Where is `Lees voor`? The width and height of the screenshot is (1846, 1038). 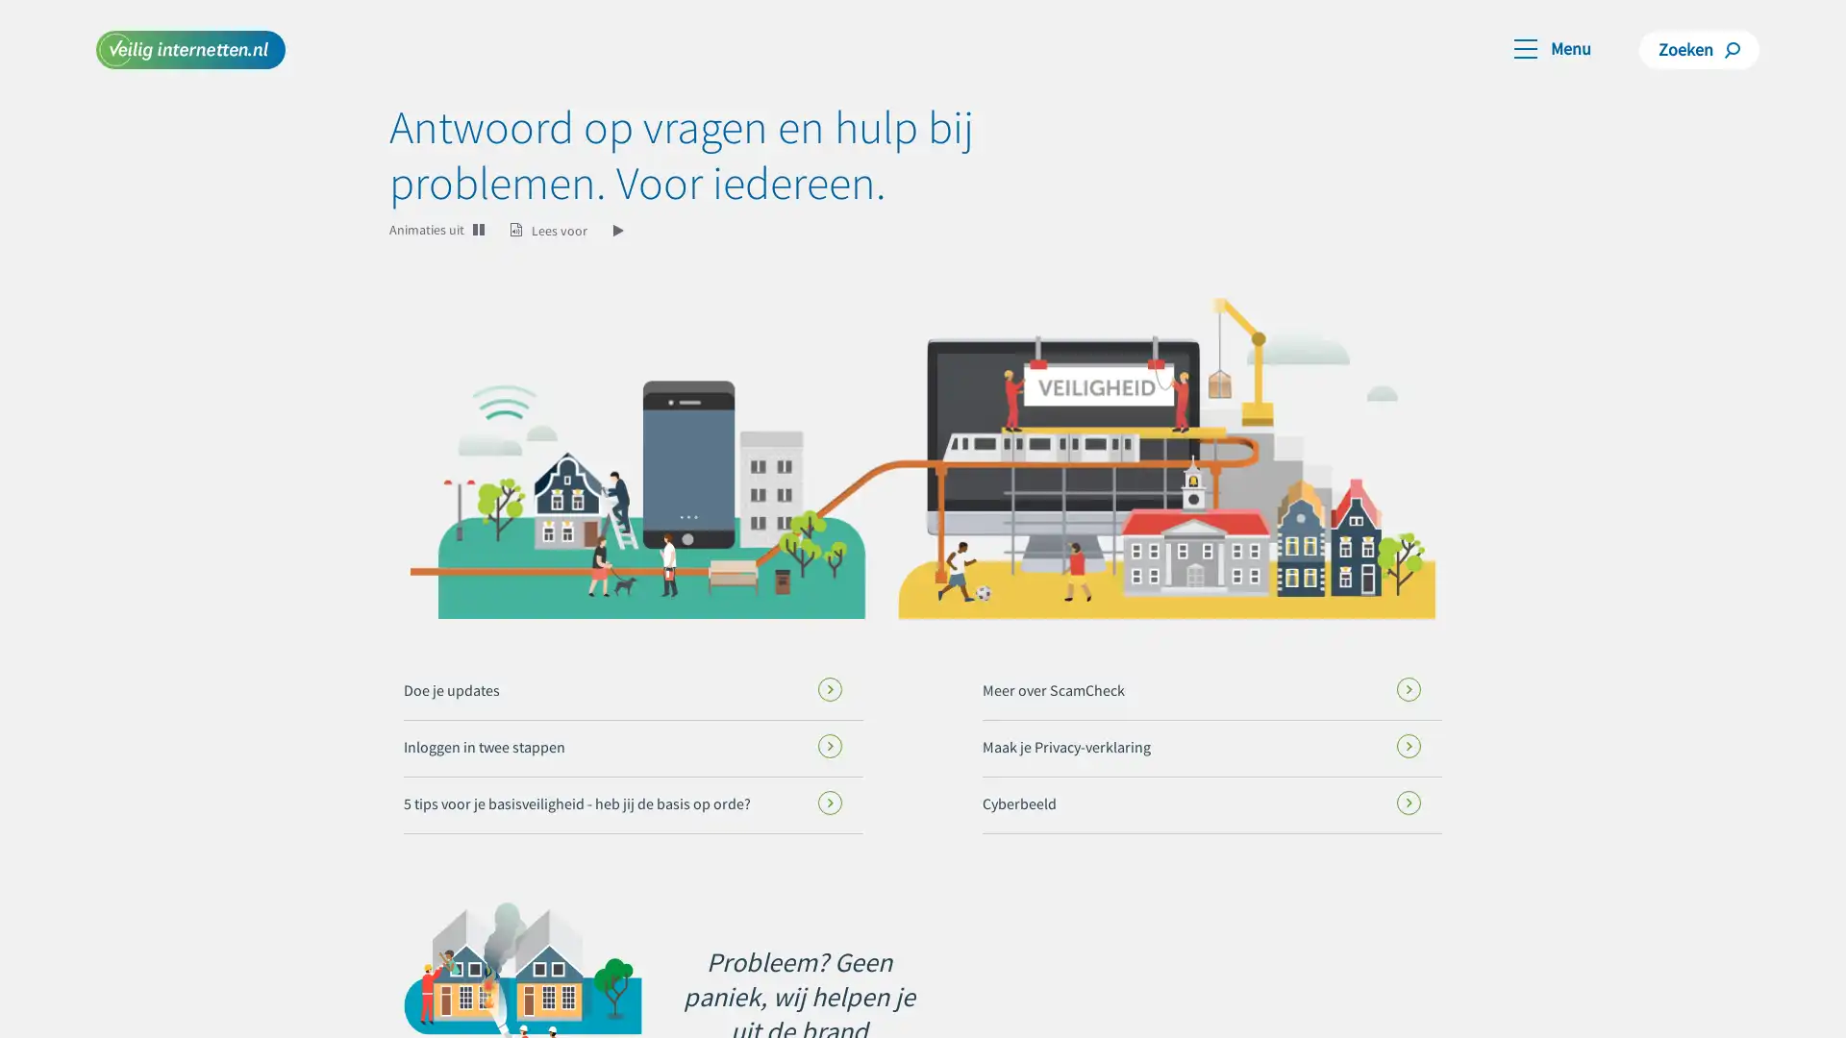
Lees voor is located at coordinates (569, 229).